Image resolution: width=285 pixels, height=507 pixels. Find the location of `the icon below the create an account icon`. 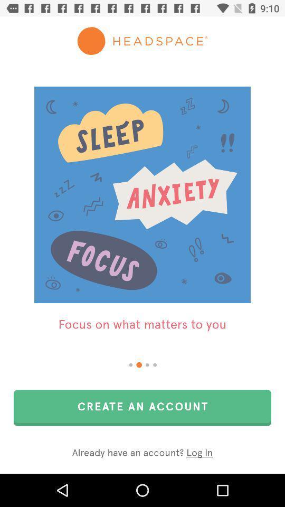

the icon below the create an account icon is located at coordinates (142, 453).